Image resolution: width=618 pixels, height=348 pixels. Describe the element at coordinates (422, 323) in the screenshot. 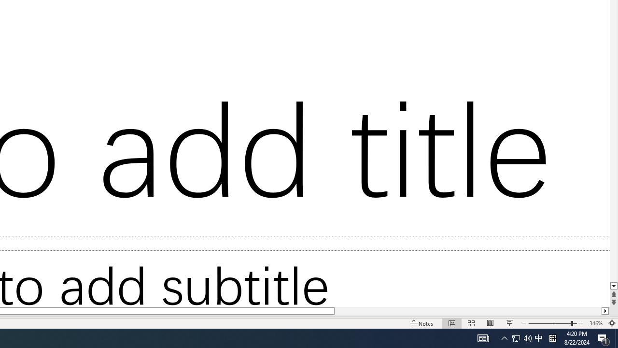

I see `'Notes '` at that location.